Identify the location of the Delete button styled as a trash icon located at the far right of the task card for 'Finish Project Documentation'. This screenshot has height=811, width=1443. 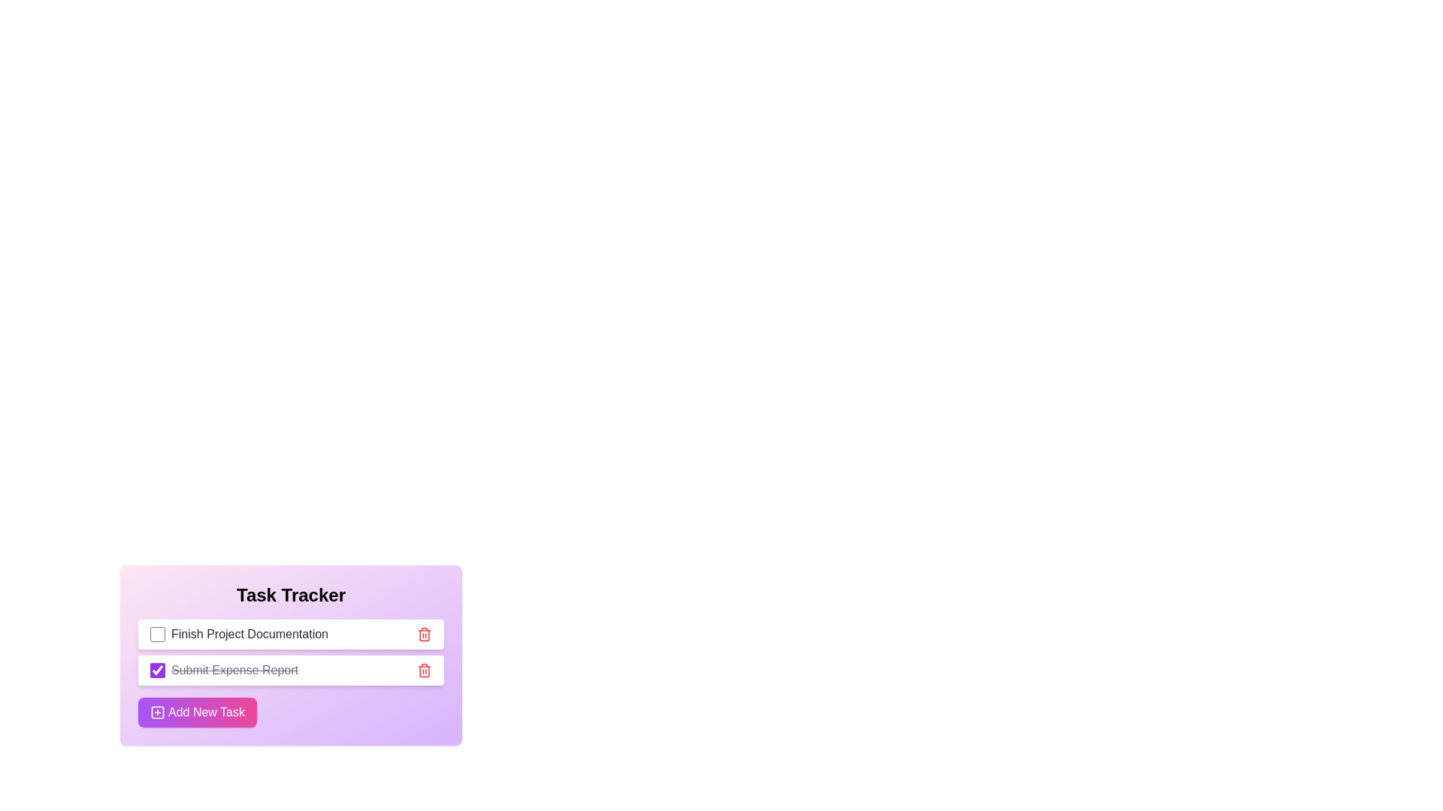
(424, 634).